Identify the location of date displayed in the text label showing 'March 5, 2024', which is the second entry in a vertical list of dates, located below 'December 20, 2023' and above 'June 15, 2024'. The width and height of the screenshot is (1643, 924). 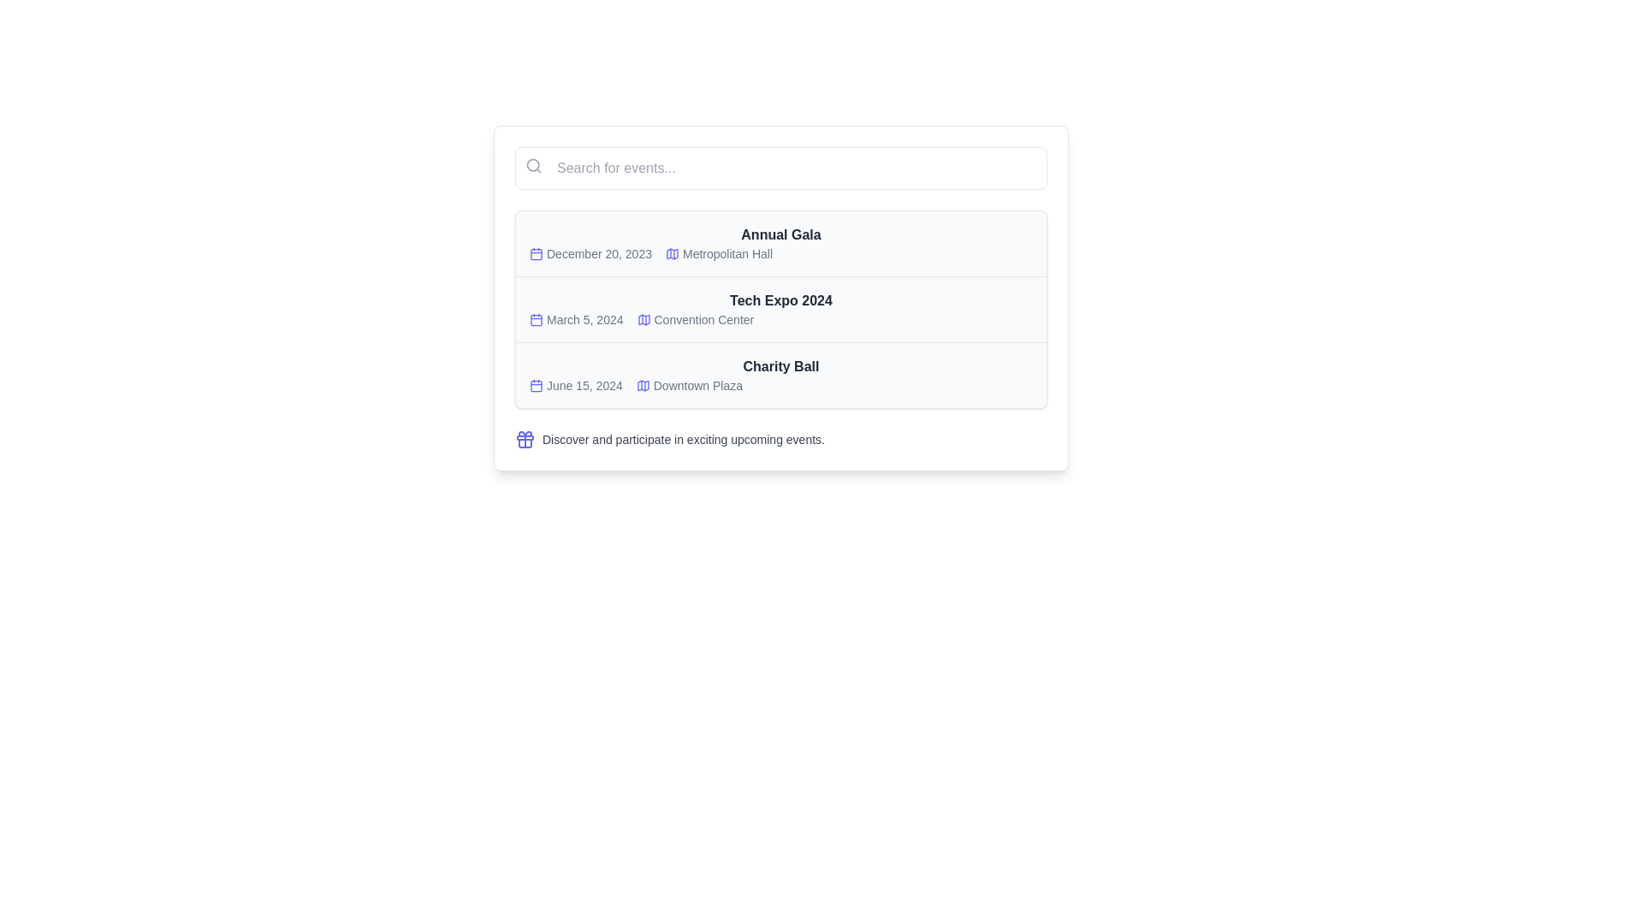
(584, 320).